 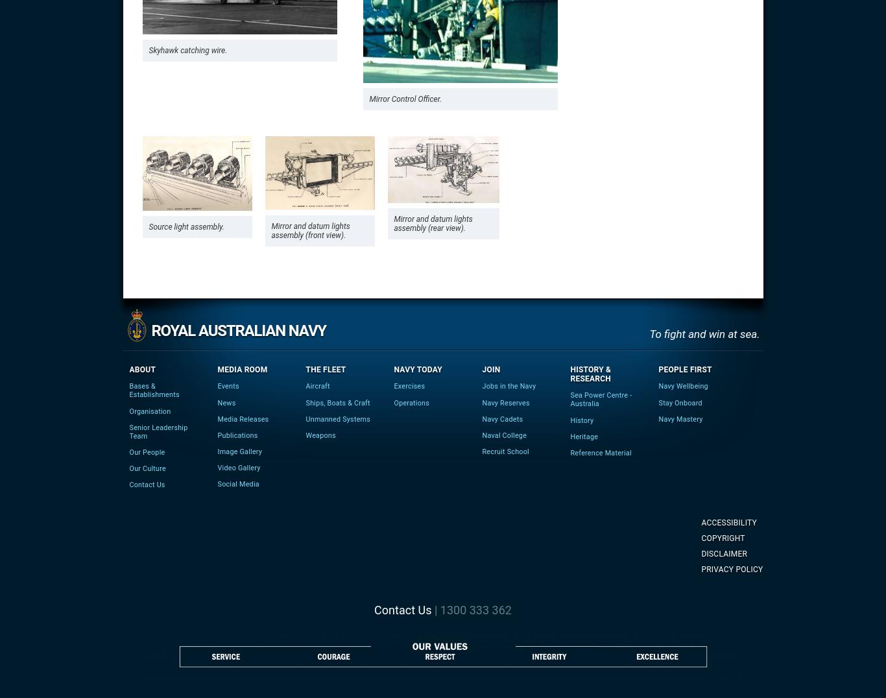 What do you see at coordinates (728, 523) in the screenshot?
I see `'Accessibility'` at bounding box center [728, 523].